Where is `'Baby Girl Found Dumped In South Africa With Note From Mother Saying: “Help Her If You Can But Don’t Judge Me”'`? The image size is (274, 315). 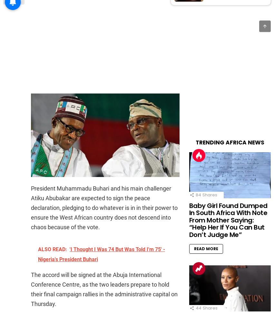 'Baby Girl Found Dumped In South Africa With Note From Mother Saying: “Help Her If You Can But Don’t Judge Me”' is located at coordinates (228, 220).